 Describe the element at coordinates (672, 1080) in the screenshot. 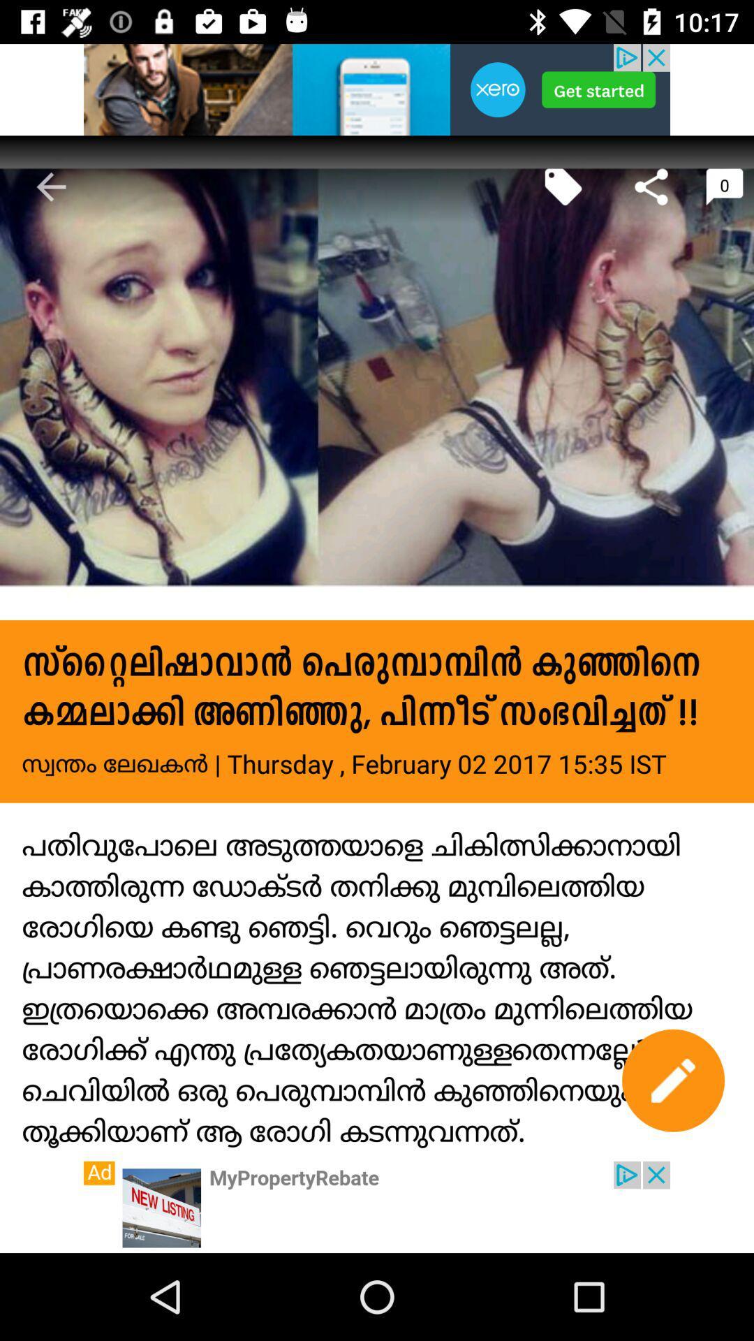

I see `the edit icon` at that location.